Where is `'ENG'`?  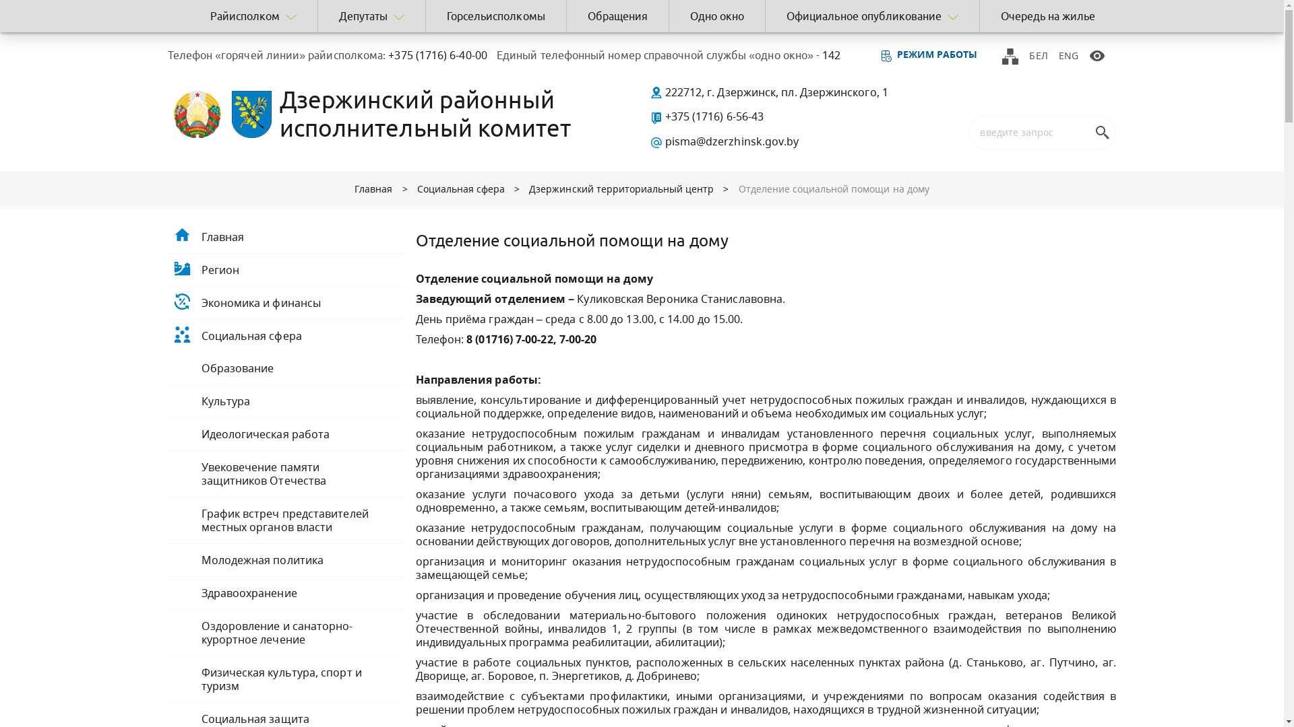
'ENG' is located at coordinates (1068, 55).